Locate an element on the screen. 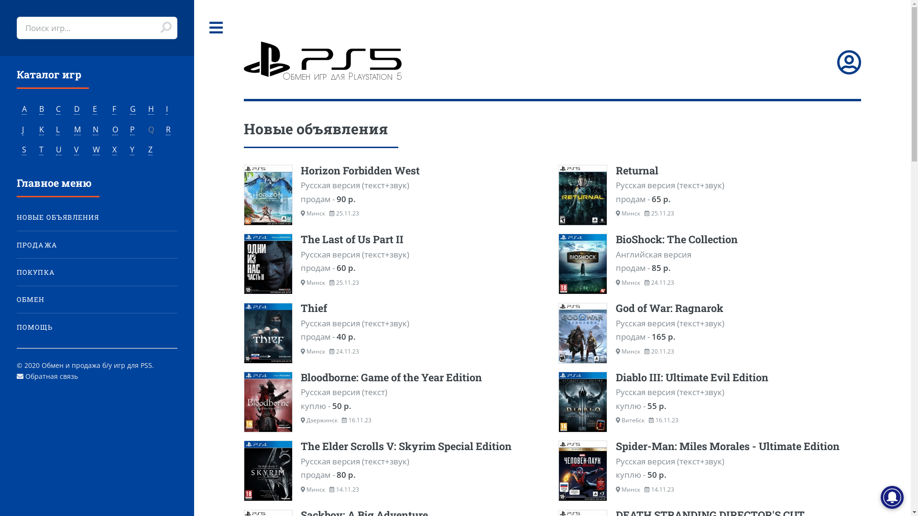  'J' is located at coordinates (23, 129).